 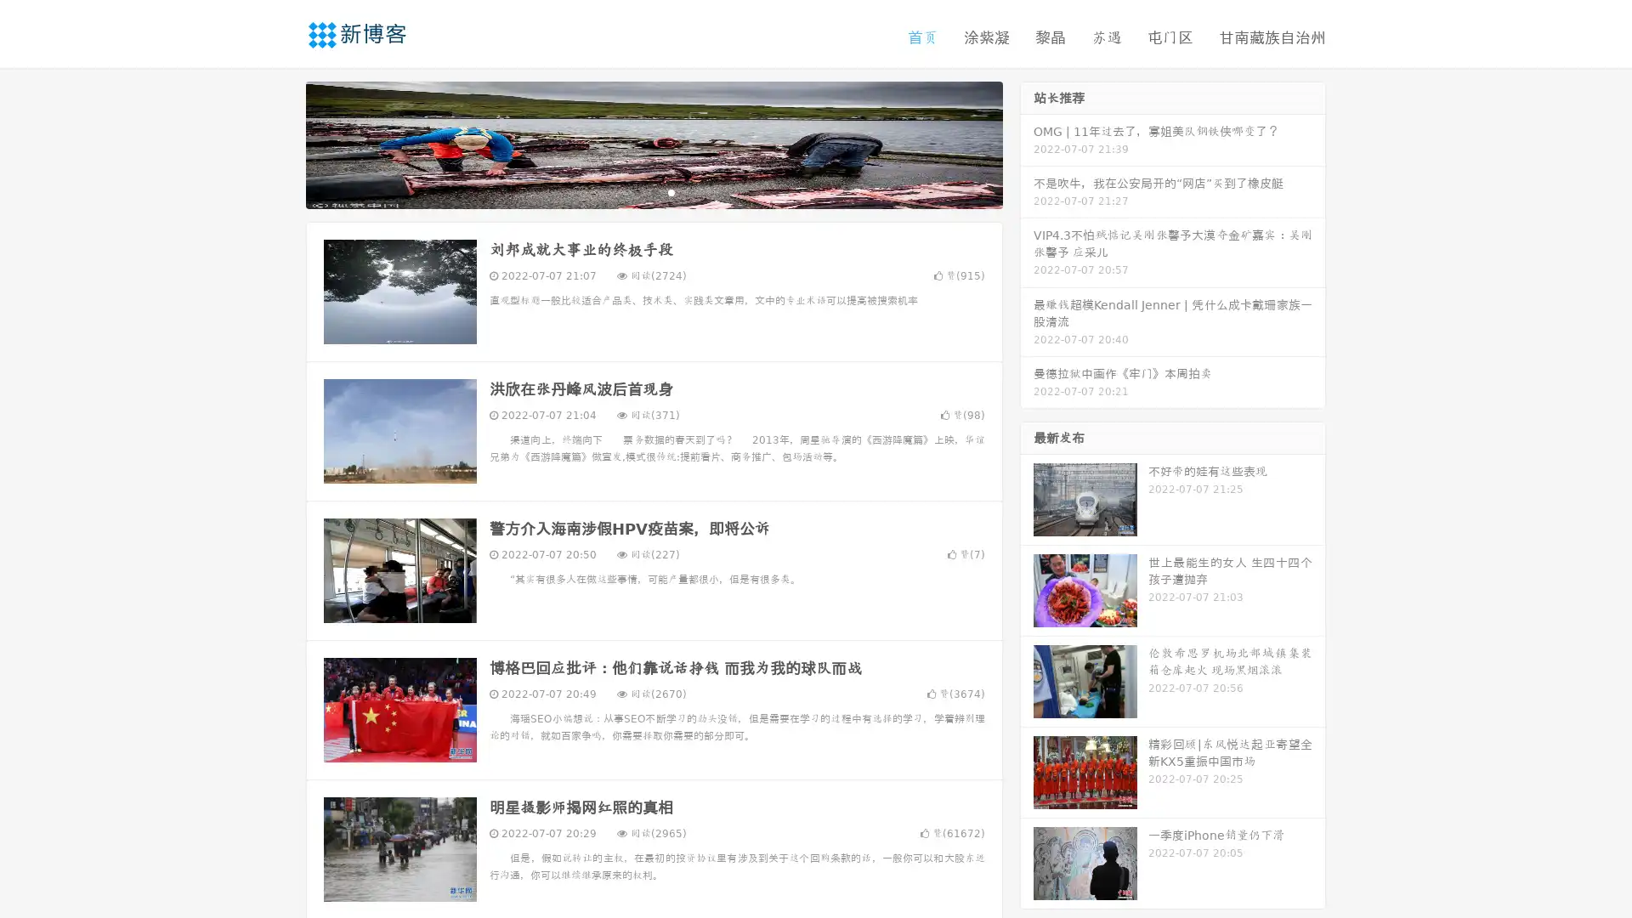 I want to click on Go to slide 1, so click(x=636, y=191).